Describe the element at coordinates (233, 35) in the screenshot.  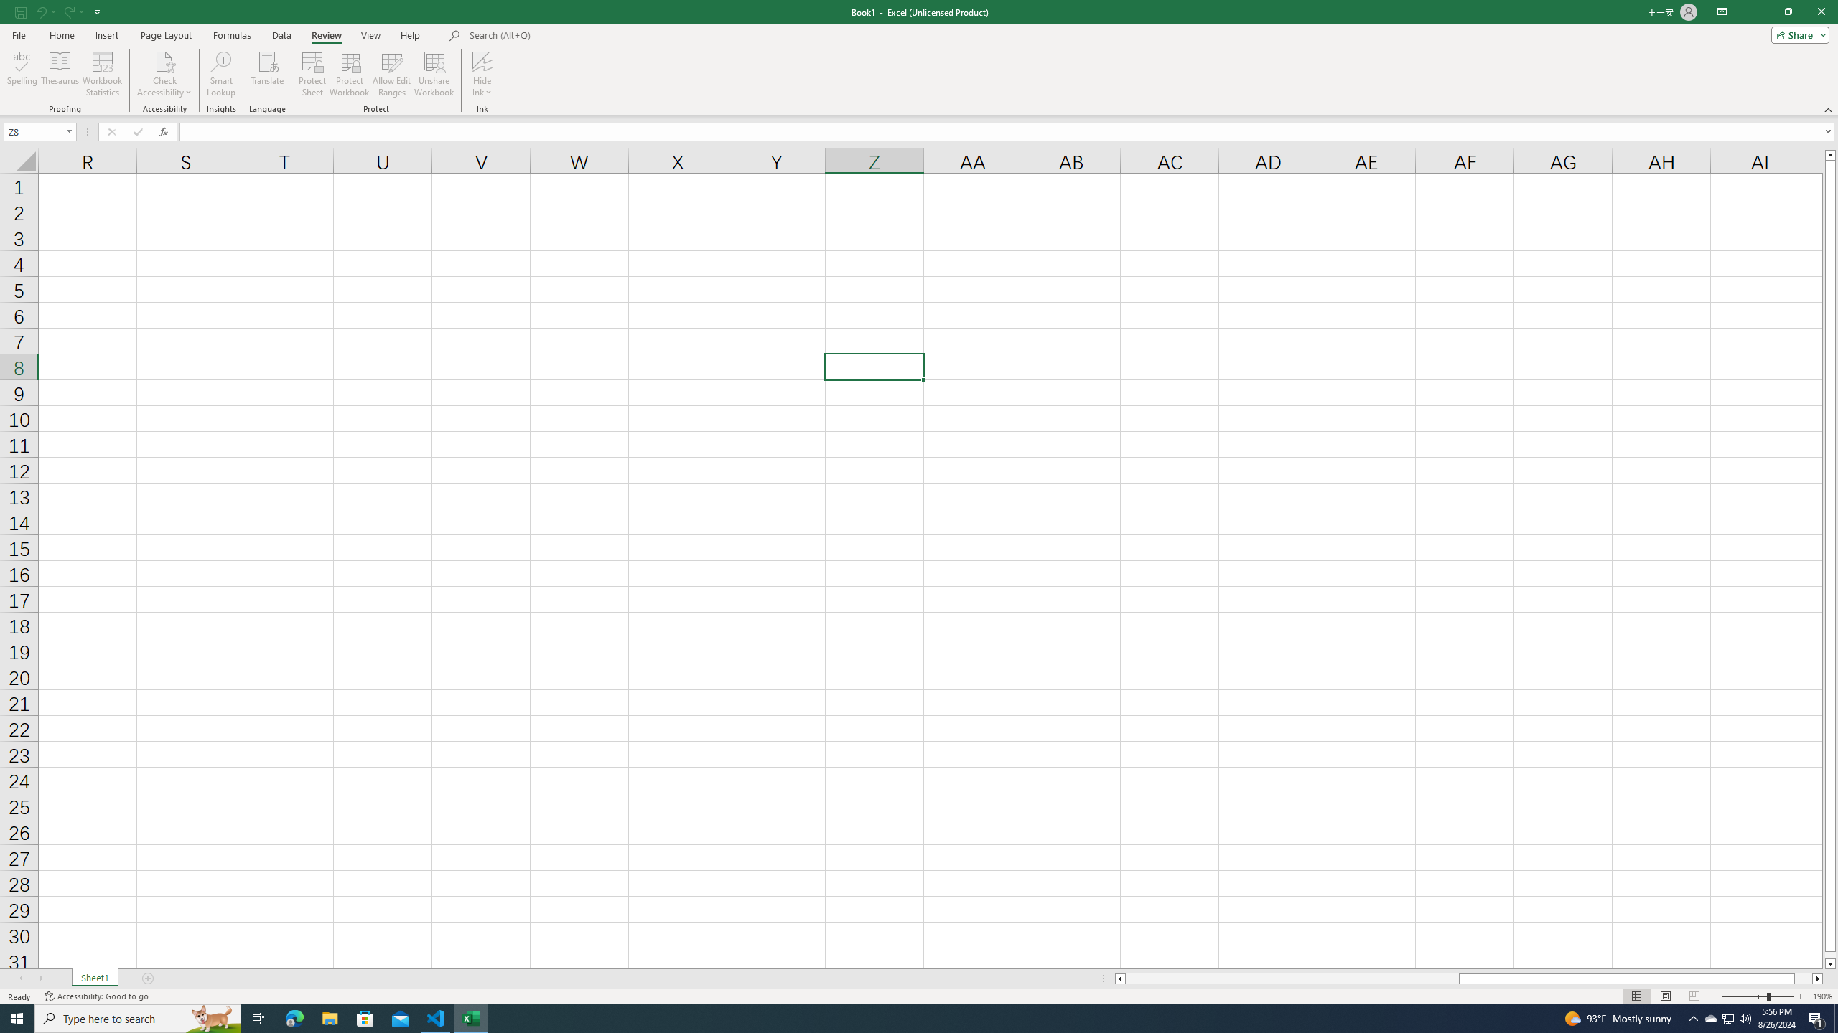
I see `'Formulas'` at that location.